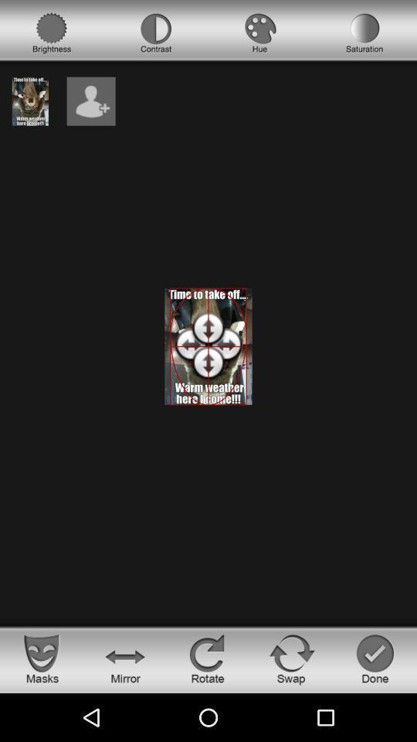  Describe the element at coordinates (292, 658) in the screenshot. I see `the refresh icon` at that location.